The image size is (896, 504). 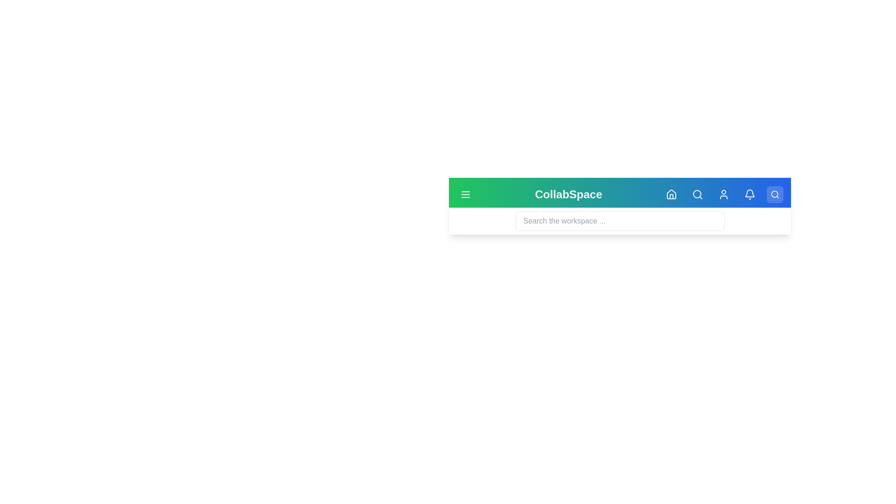 What do you see at coordinates (671, 194) in the screenshot?
I see `the home icon button to navigate to the home page` at bounding box center [671, 194].